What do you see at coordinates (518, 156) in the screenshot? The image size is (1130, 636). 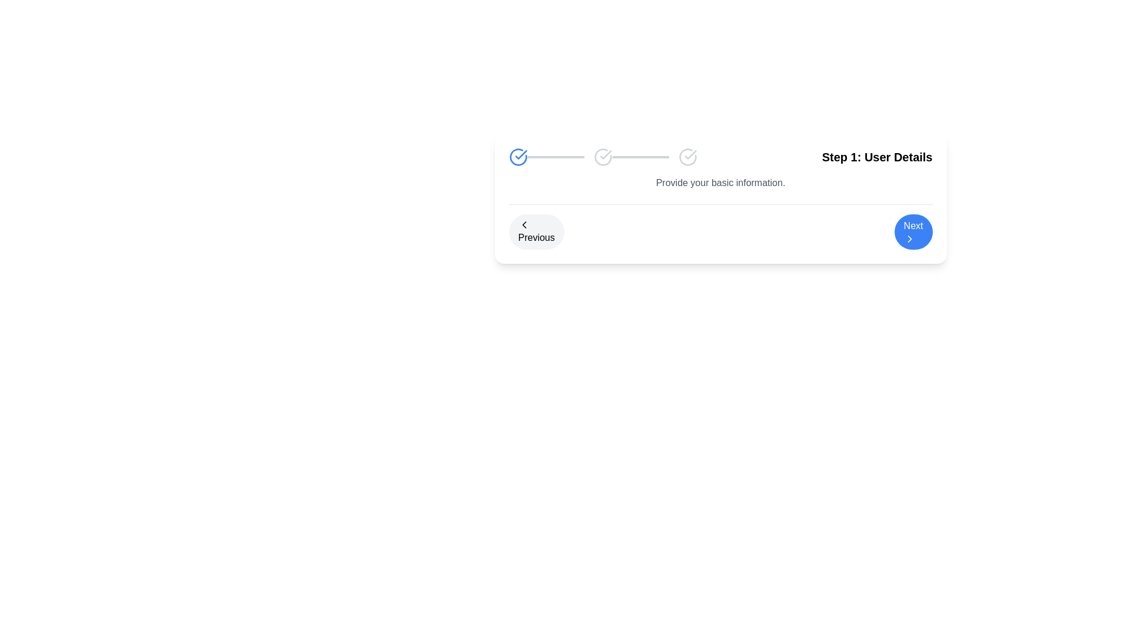 I see `the circular icon with a checkmark, which is the leftmost icon in the step progress bar at the top of the interface, indicating a status of completion` at bounding box center [518, 156].